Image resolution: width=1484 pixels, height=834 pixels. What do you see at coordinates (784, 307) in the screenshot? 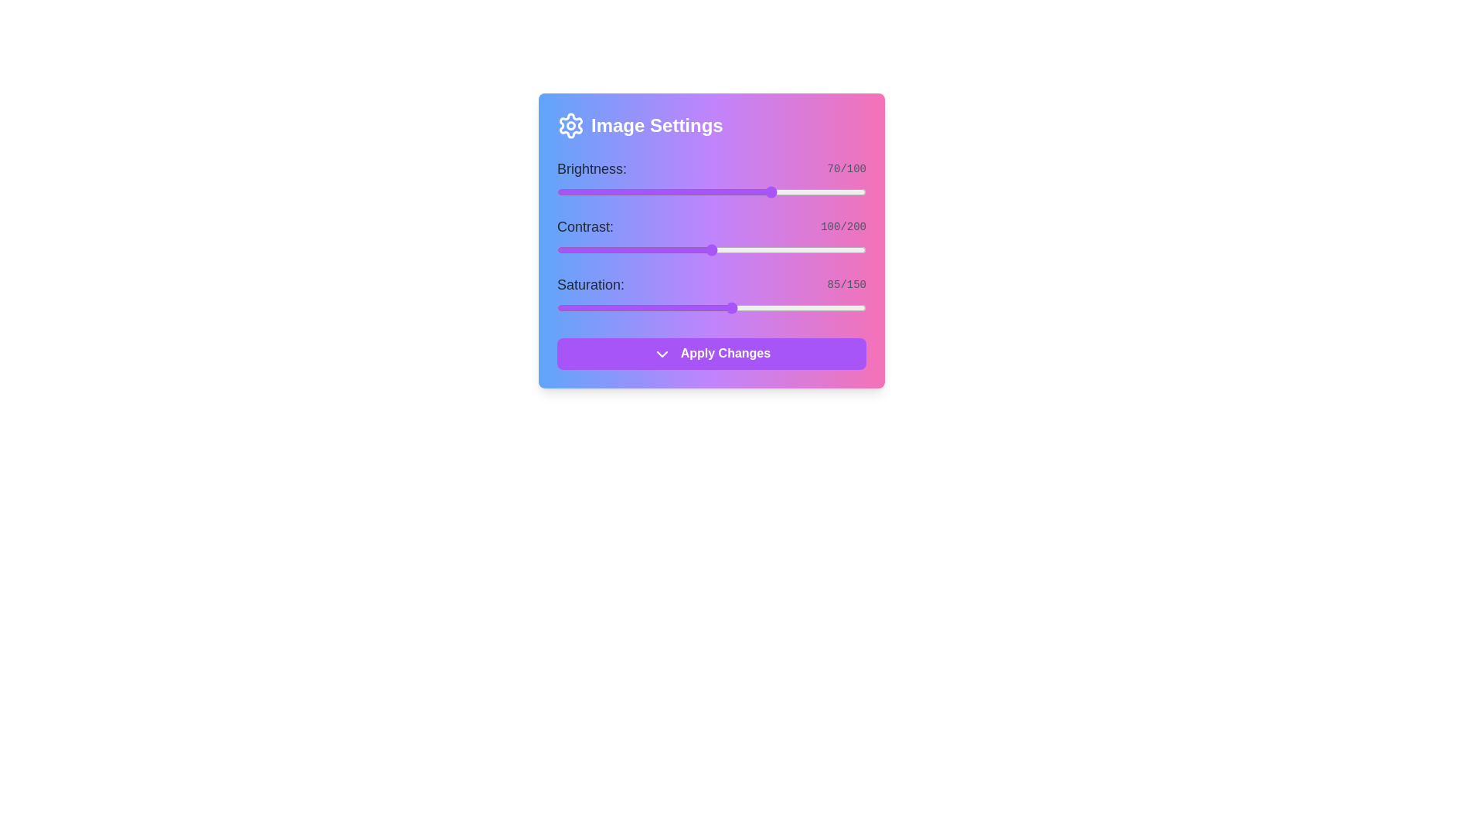
I see `the saturation slider to 110 level` at bounding box center [784, 307].